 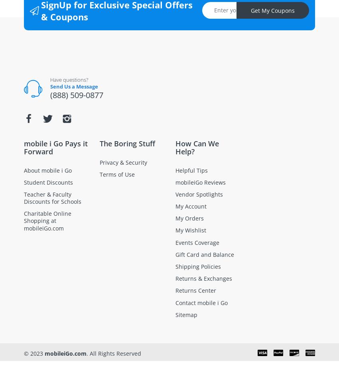 I want to click on 'How Can We Help?', so click(x=197, y=147).